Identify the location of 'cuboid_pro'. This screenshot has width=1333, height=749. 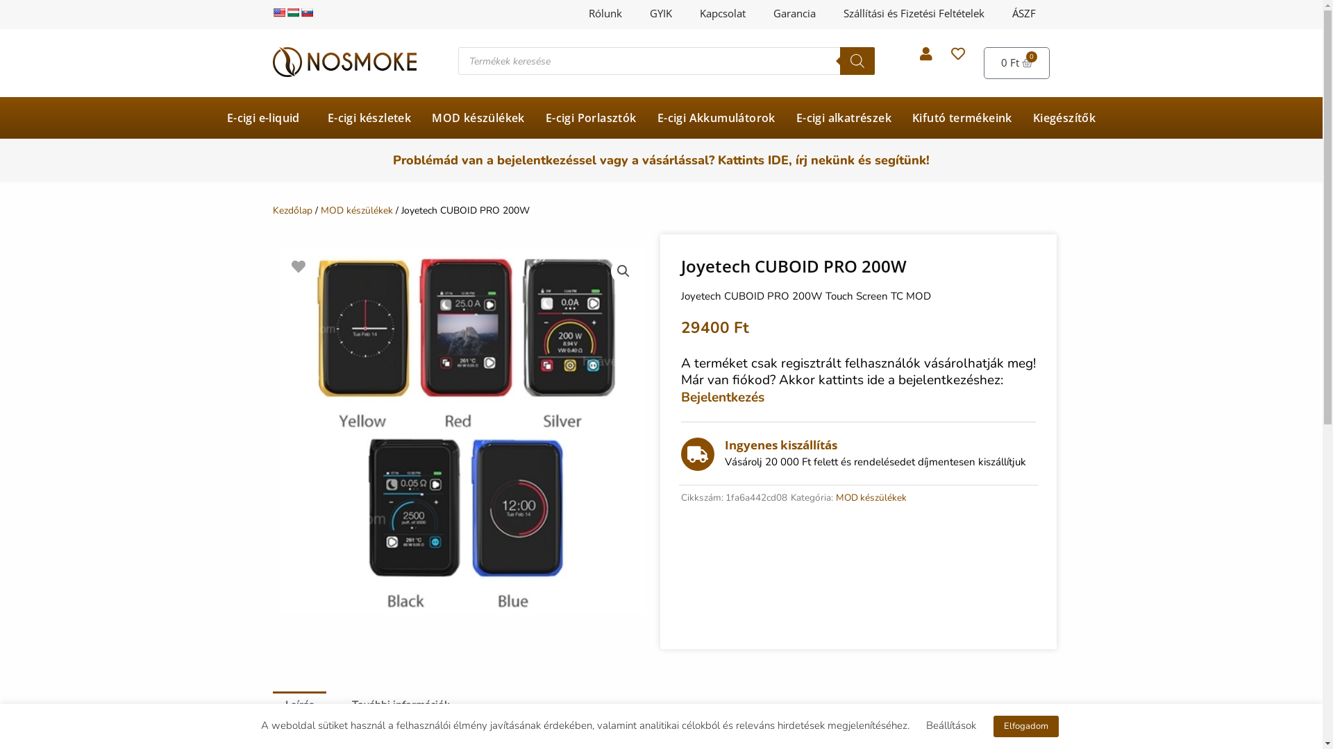
(462, 430).